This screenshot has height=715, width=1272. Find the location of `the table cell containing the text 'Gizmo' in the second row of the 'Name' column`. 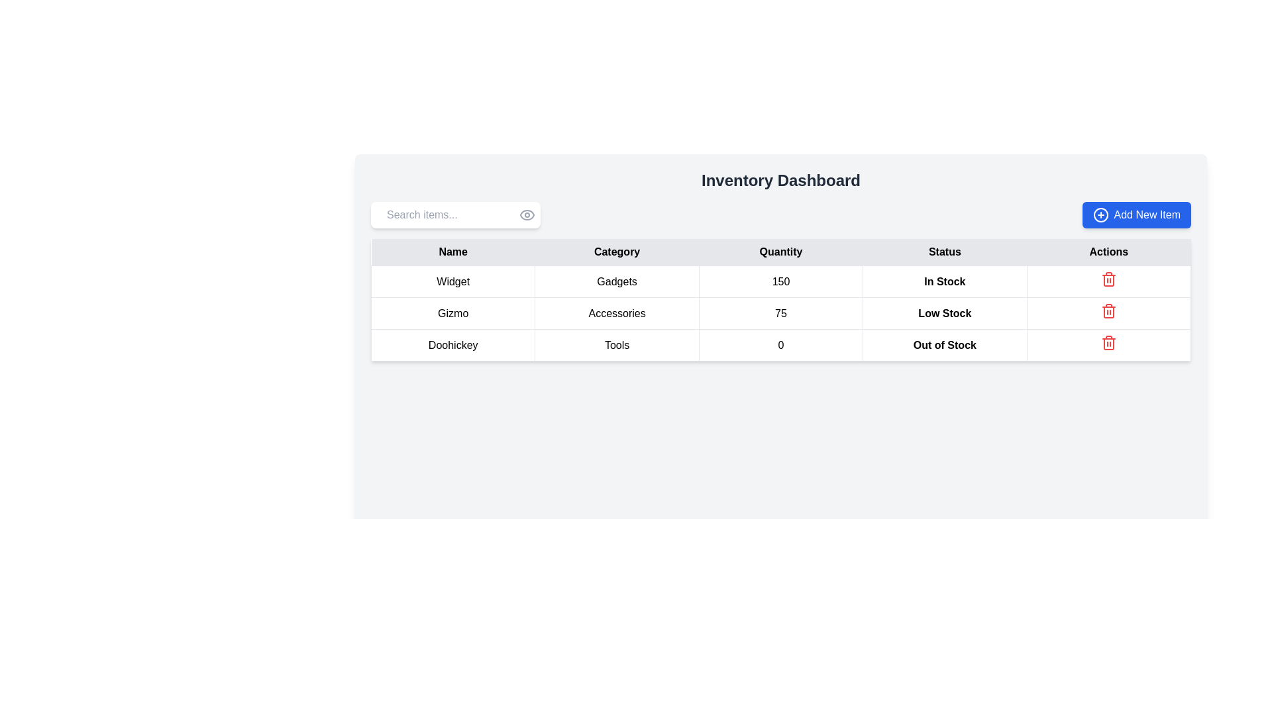

the table cell containing the text 'Gizmo' in the second row of the 'Name' column is located at coordinates (453, 313).